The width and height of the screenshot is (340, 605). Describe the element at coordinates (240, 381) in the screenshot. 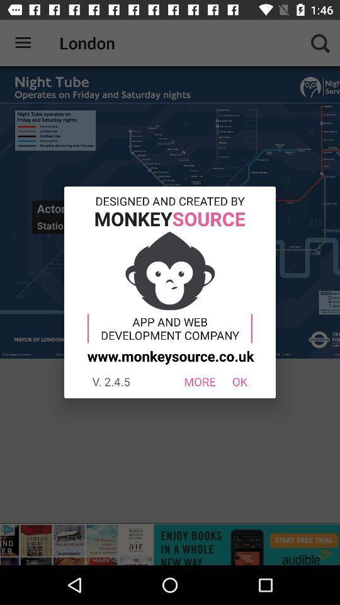

I see `icon to the right of the more icon` at that location.